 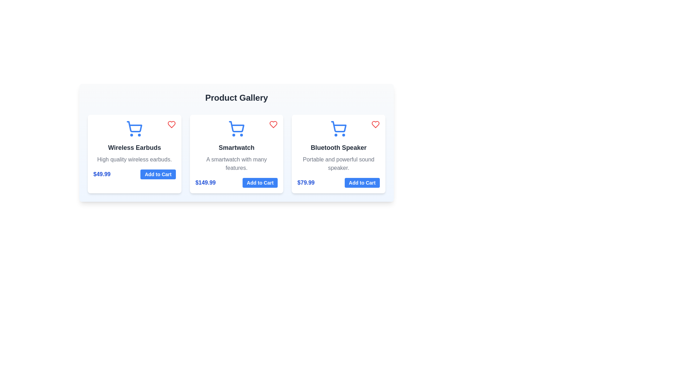 What do you see at coordinates (362, 182) in the screenshot?
I see `'Add to Cart' button for the product Bluetooth Speaker` at bounding box center [362, 182].